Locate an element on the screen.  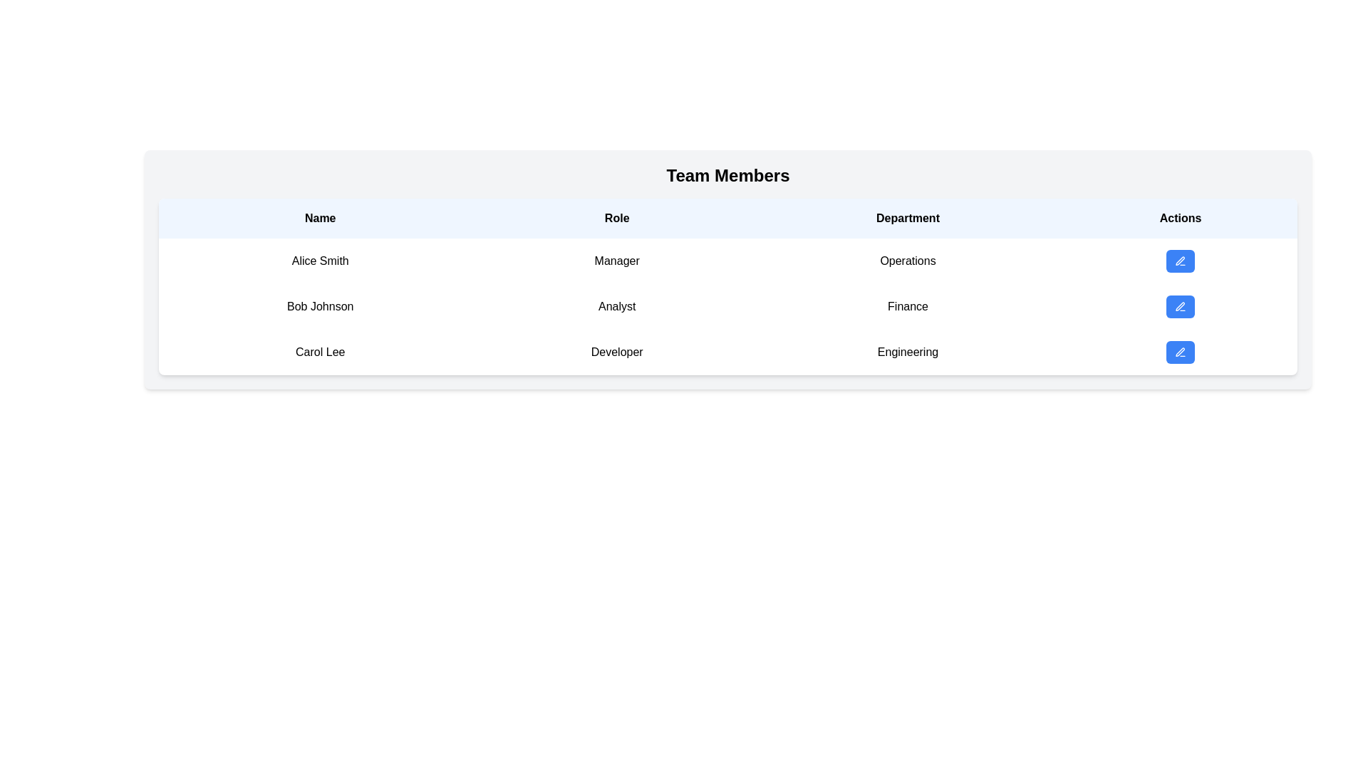
the text label displaying the name 'Carol Lee' in the third row of the 'Team Members' table, which identifies the individual associated with the corresponding data entries is located at coordinates (319, 352).